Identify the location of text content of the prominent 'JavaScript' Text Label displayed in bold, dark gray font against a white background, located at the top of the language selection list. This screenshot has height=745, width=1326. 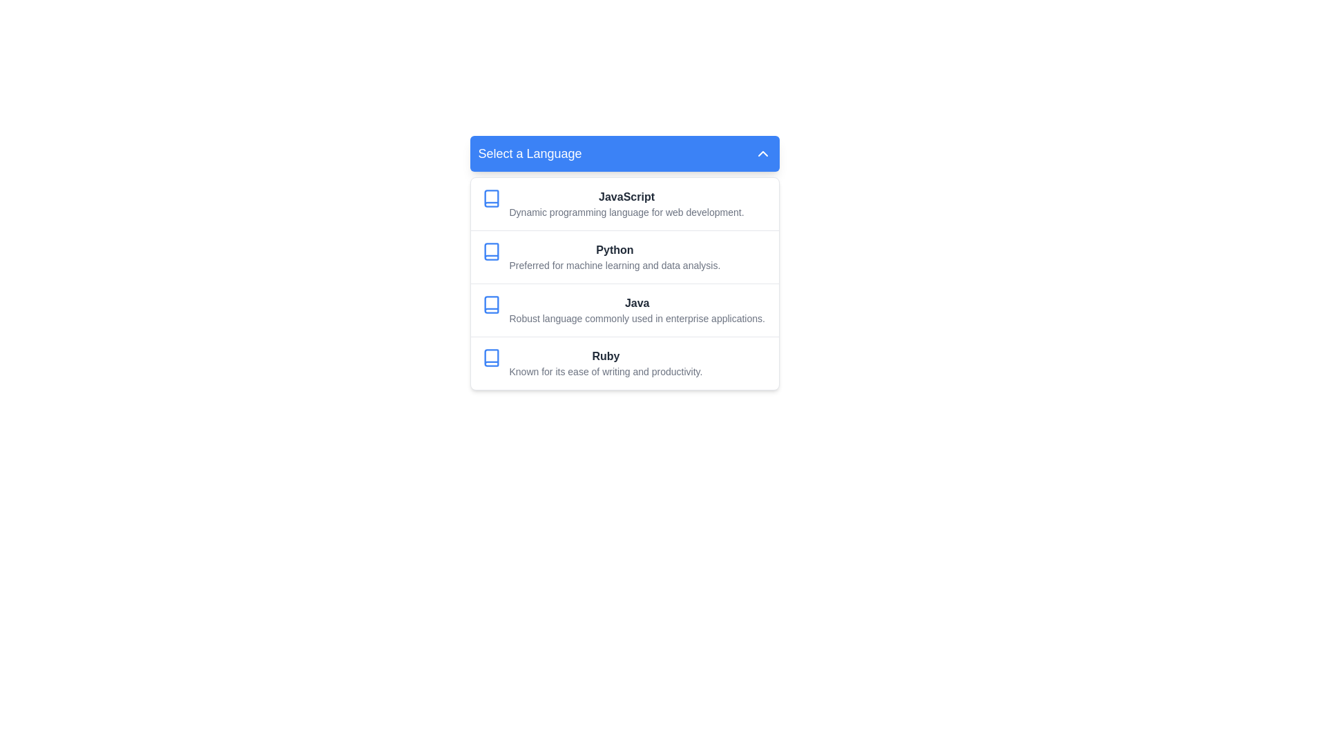
(626, 197).